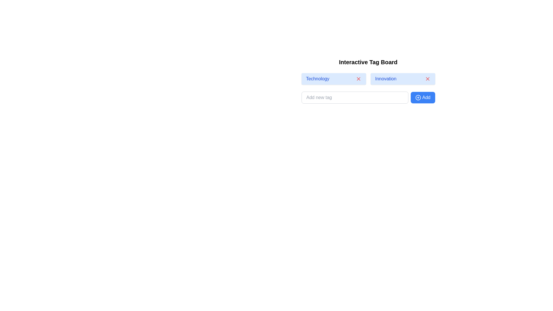  What do you see at coordinates (426, 97) in the screenshot?
I see `the blue button labeled 'Add' that is located in the bottom-right section of the 'Interactive Tag Board' interface, immediately to the right of the '+' icon` at bounding box center [426, 97].